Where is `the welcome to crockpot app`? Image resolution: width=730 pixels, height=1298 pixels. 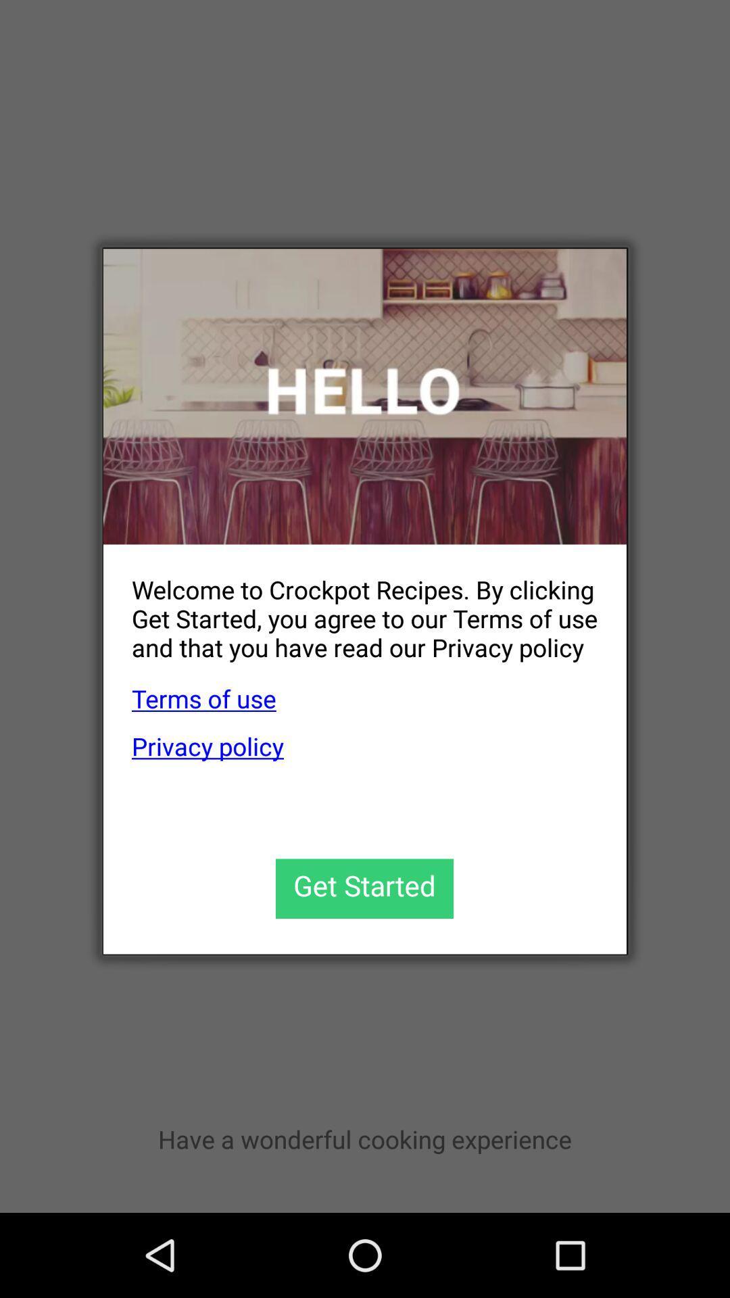
the welcome to crockpot app is located at coordinates (350, 607).